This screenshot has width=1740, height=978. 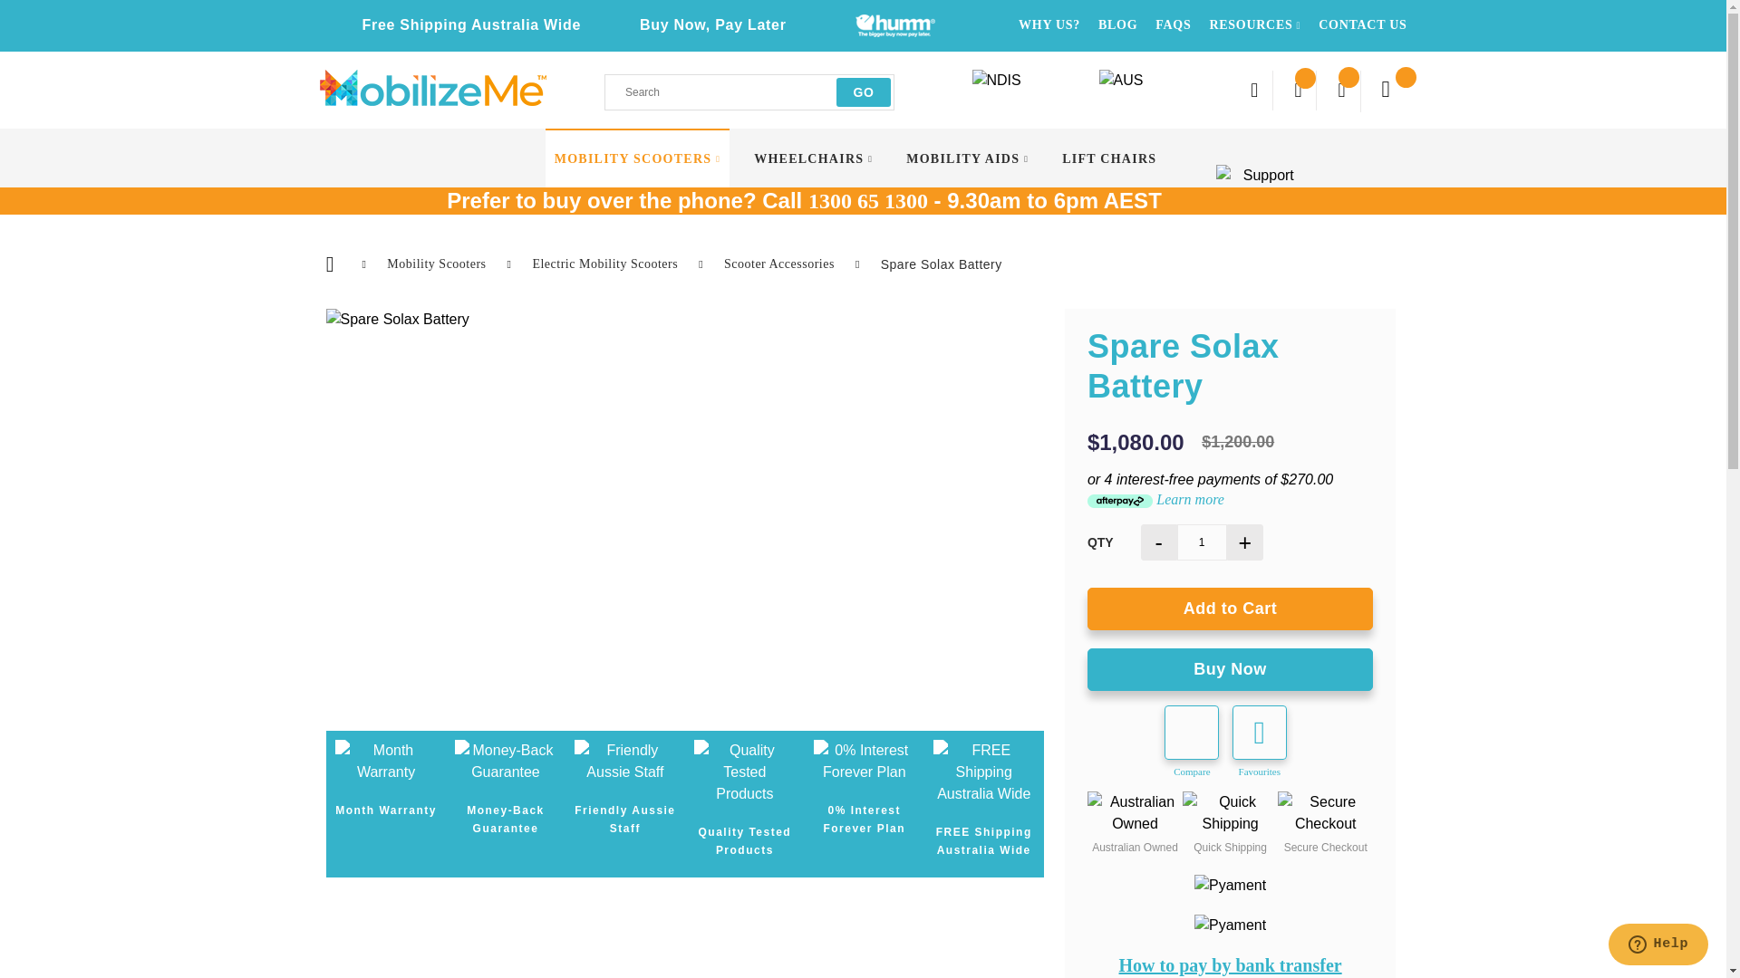 What do you see at coordinates (1116, 24) in the screenshot?
I see `'BLOG'` at bounding box center [1116, 24].